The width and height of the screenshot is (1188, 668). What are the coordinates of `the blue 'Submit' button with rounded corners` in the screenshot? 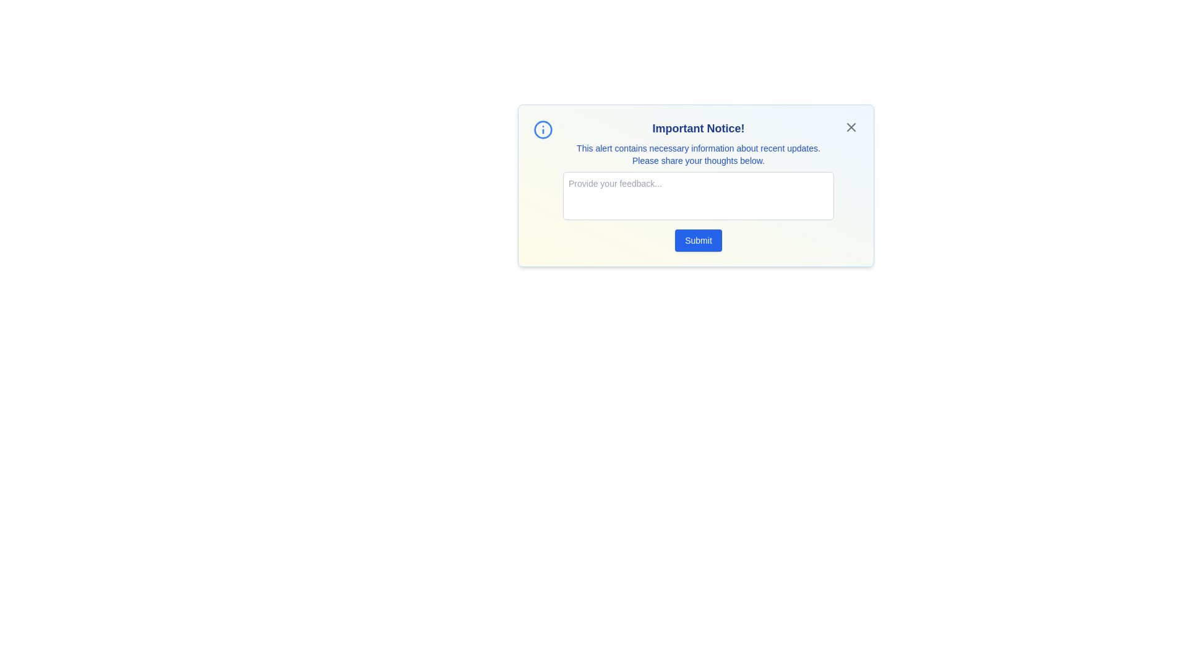 It's located at (698, 241).